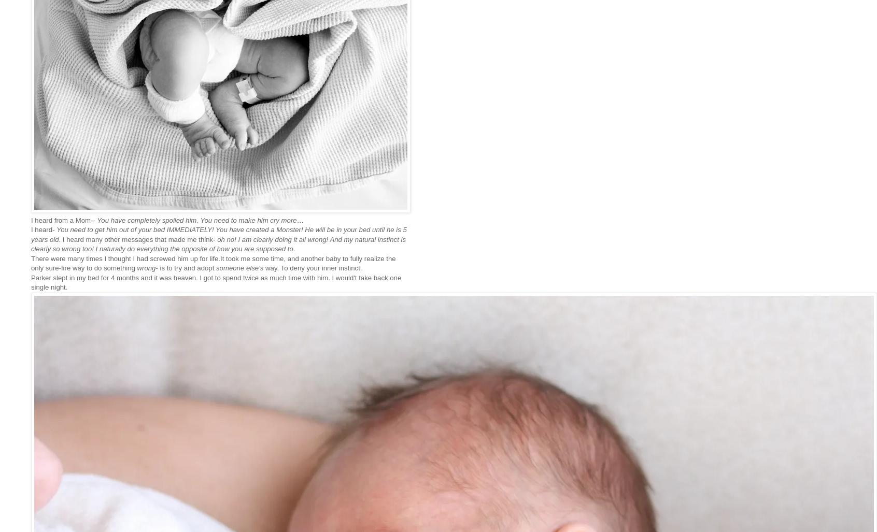  I want to click on 'wrong', so click(146, 267).